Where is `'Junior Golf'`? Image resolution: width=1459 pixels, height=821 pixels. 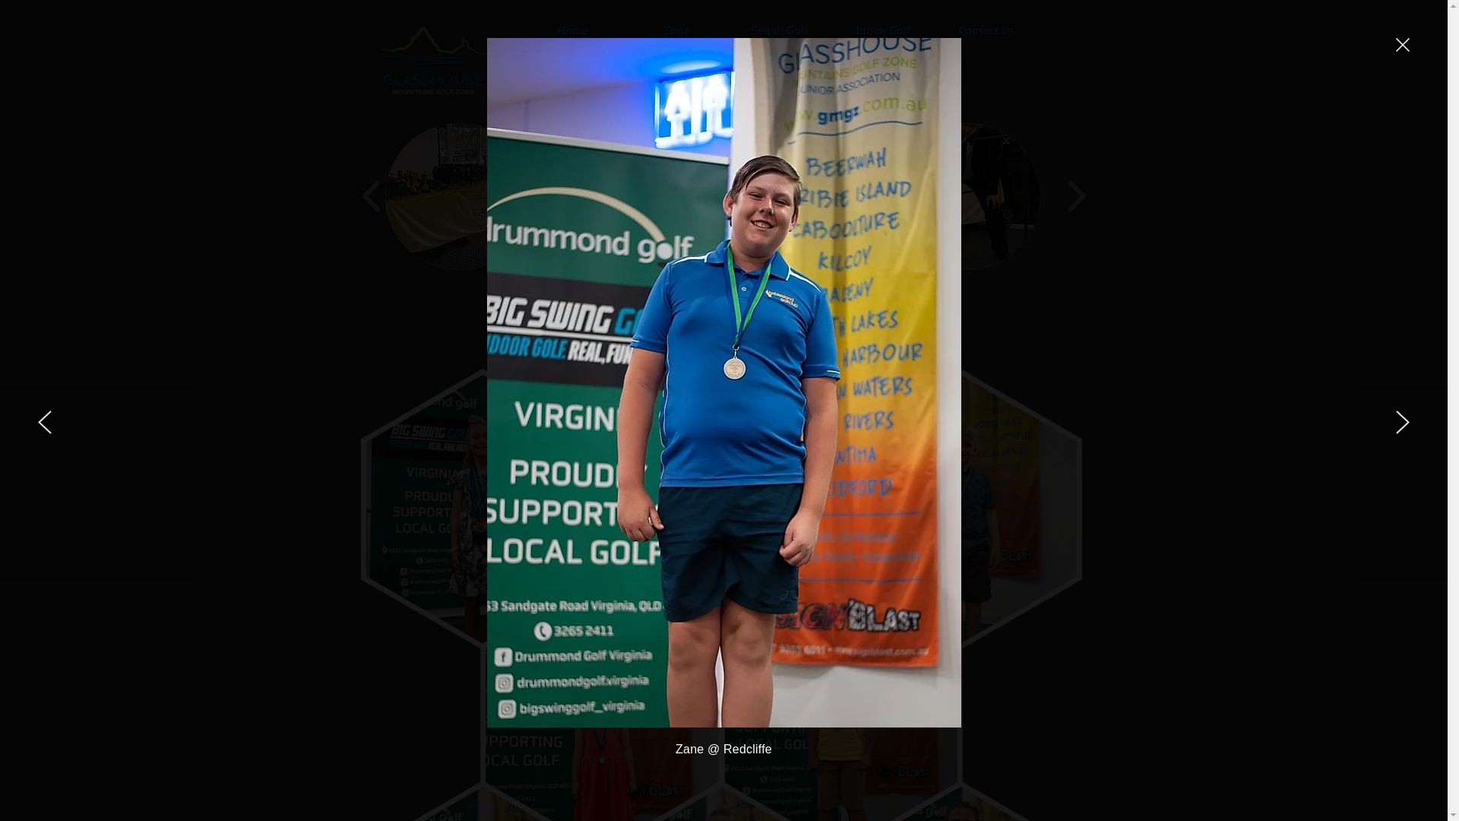 'Junior Golf' is located at coordinates (831, 29).